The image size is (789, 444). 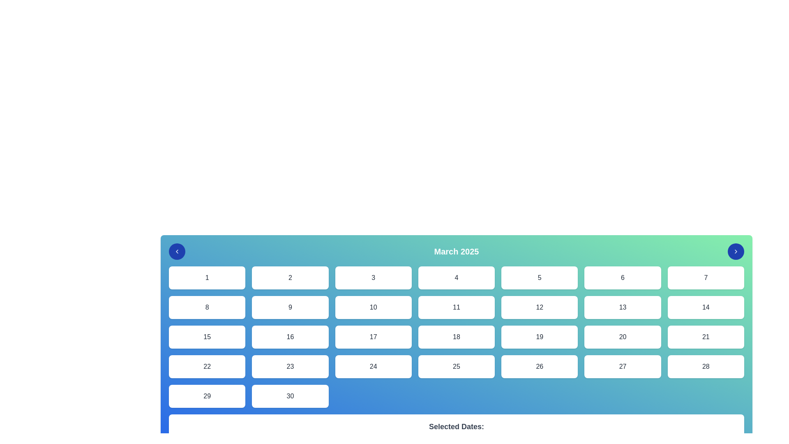 I want to click on the small left-pointing chevron icon within the circular blue button located in the top-left corner of the calendar interface, so click(x=177, y=251).